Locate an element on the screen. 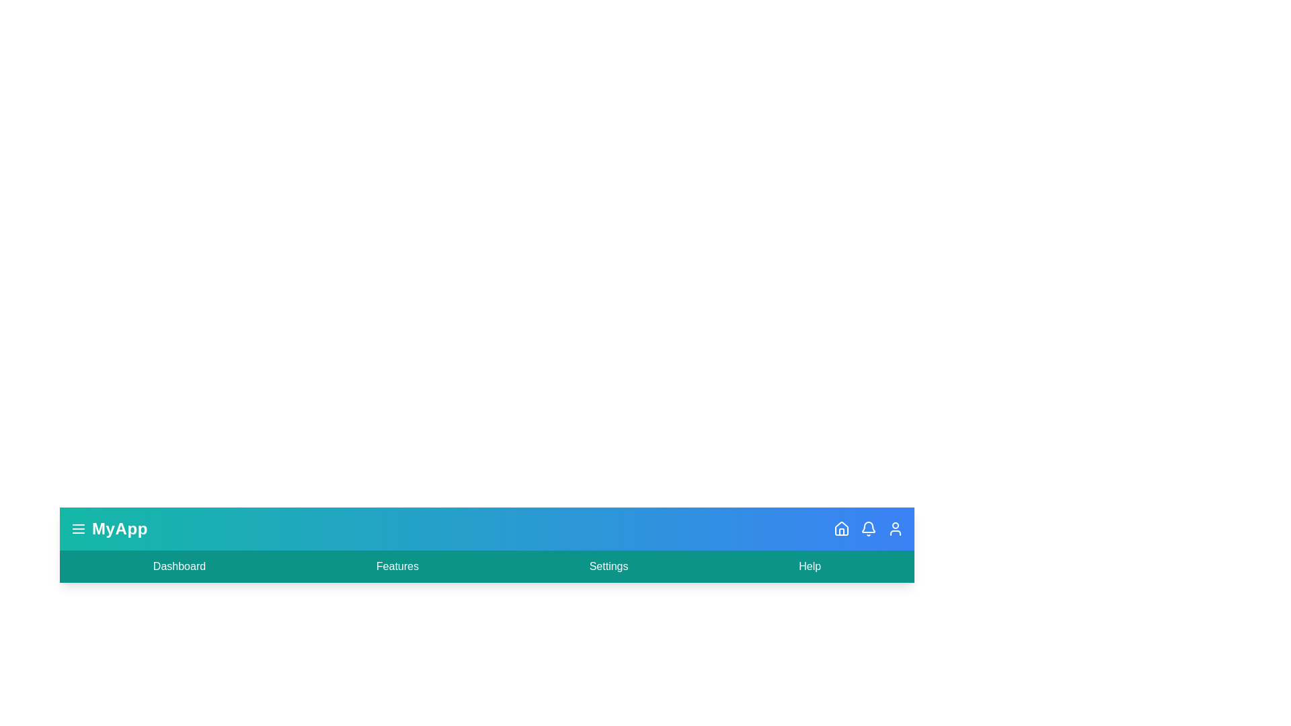  the bell icon to access notifications is located at coordinates (868, 528).